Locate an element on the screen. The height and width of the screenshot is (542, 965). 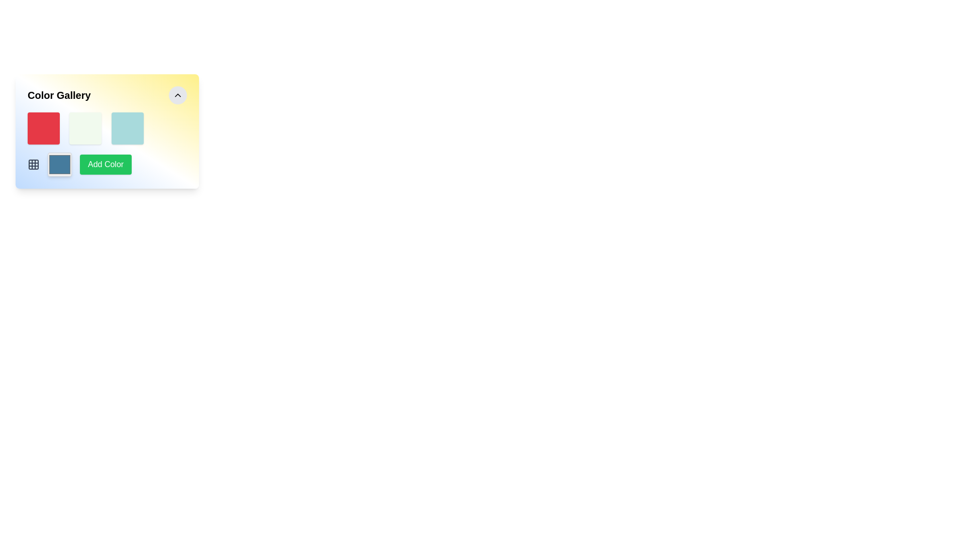
the non-interactive heading Text Label that indicates the section related to 'Color Gallery' is located at coordinates (58, 95).